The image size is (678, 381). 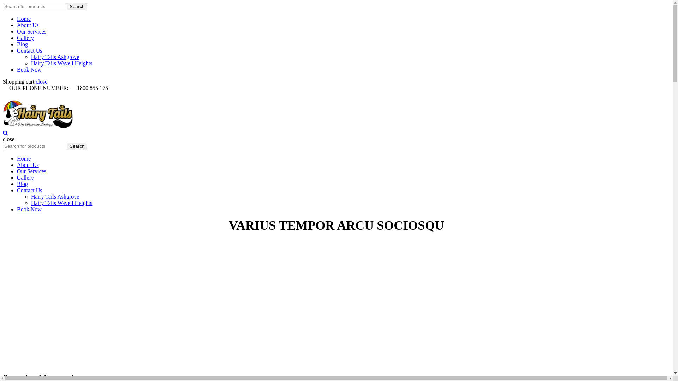 What do you see at coordinates (22, 119) in the screenshot?
I see `'Blog'` at bounding box center [22, 119].